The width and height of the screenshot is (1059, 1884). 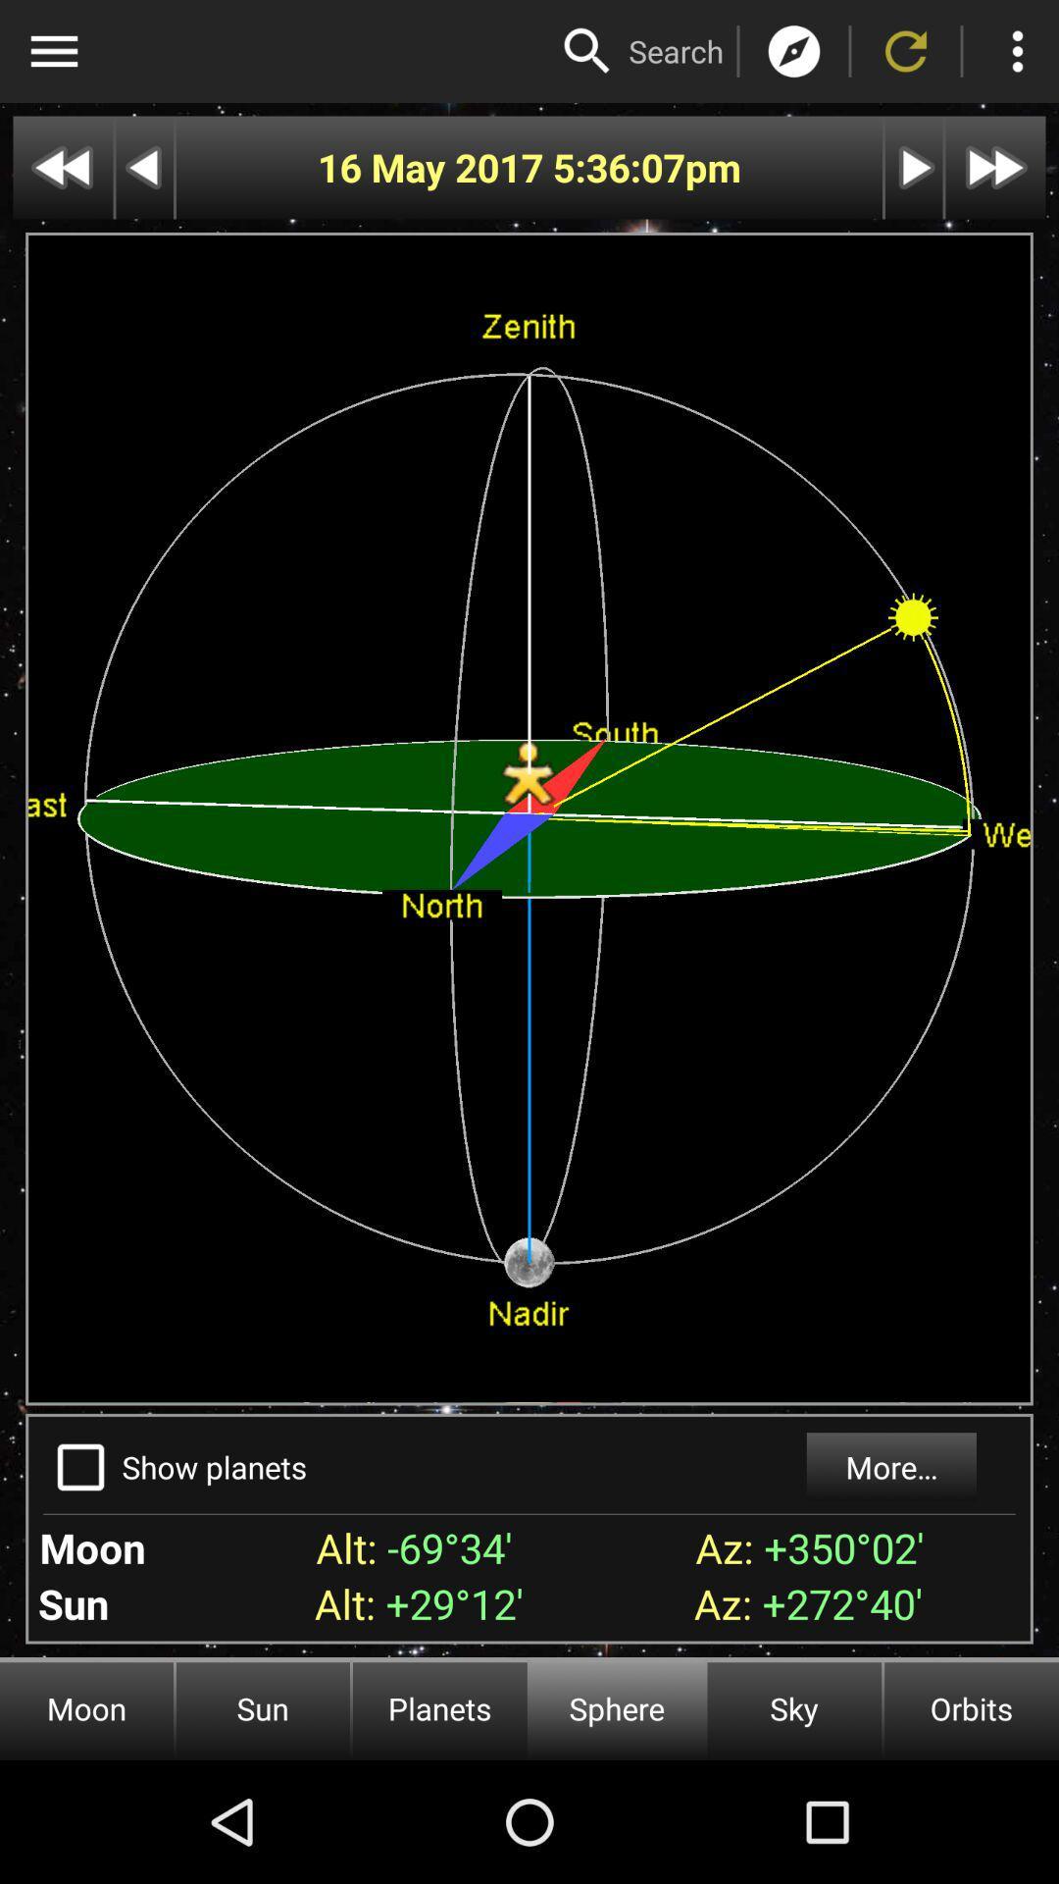 I want to click on the search icon, so click(x=586, y=51).